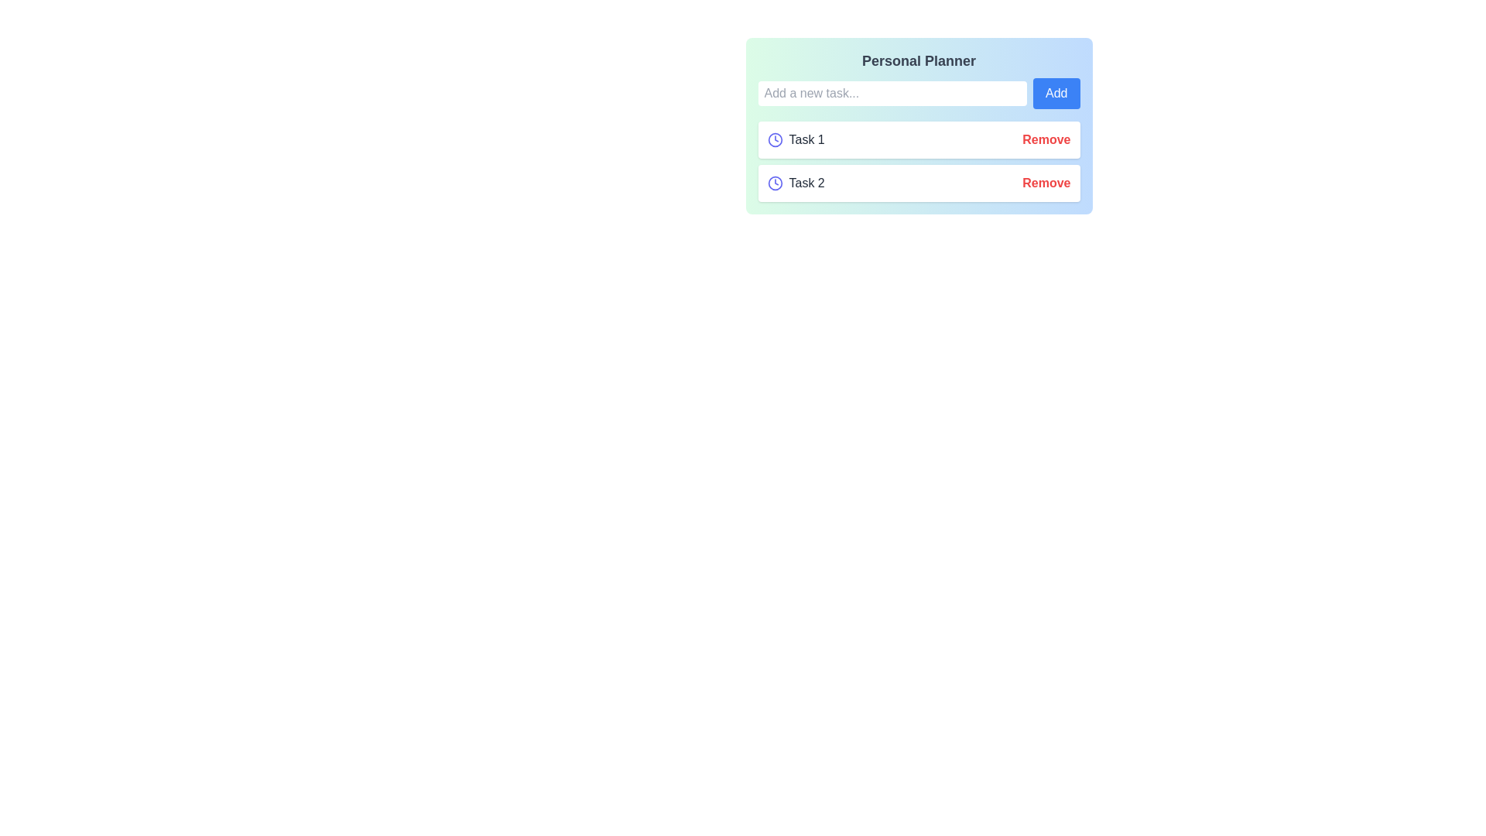 The width and height of the screenshot is (1486, 836). Describe the element at coordinates (1056, 93) in the screenshot. I see `'Add' button to add a task` at that location.